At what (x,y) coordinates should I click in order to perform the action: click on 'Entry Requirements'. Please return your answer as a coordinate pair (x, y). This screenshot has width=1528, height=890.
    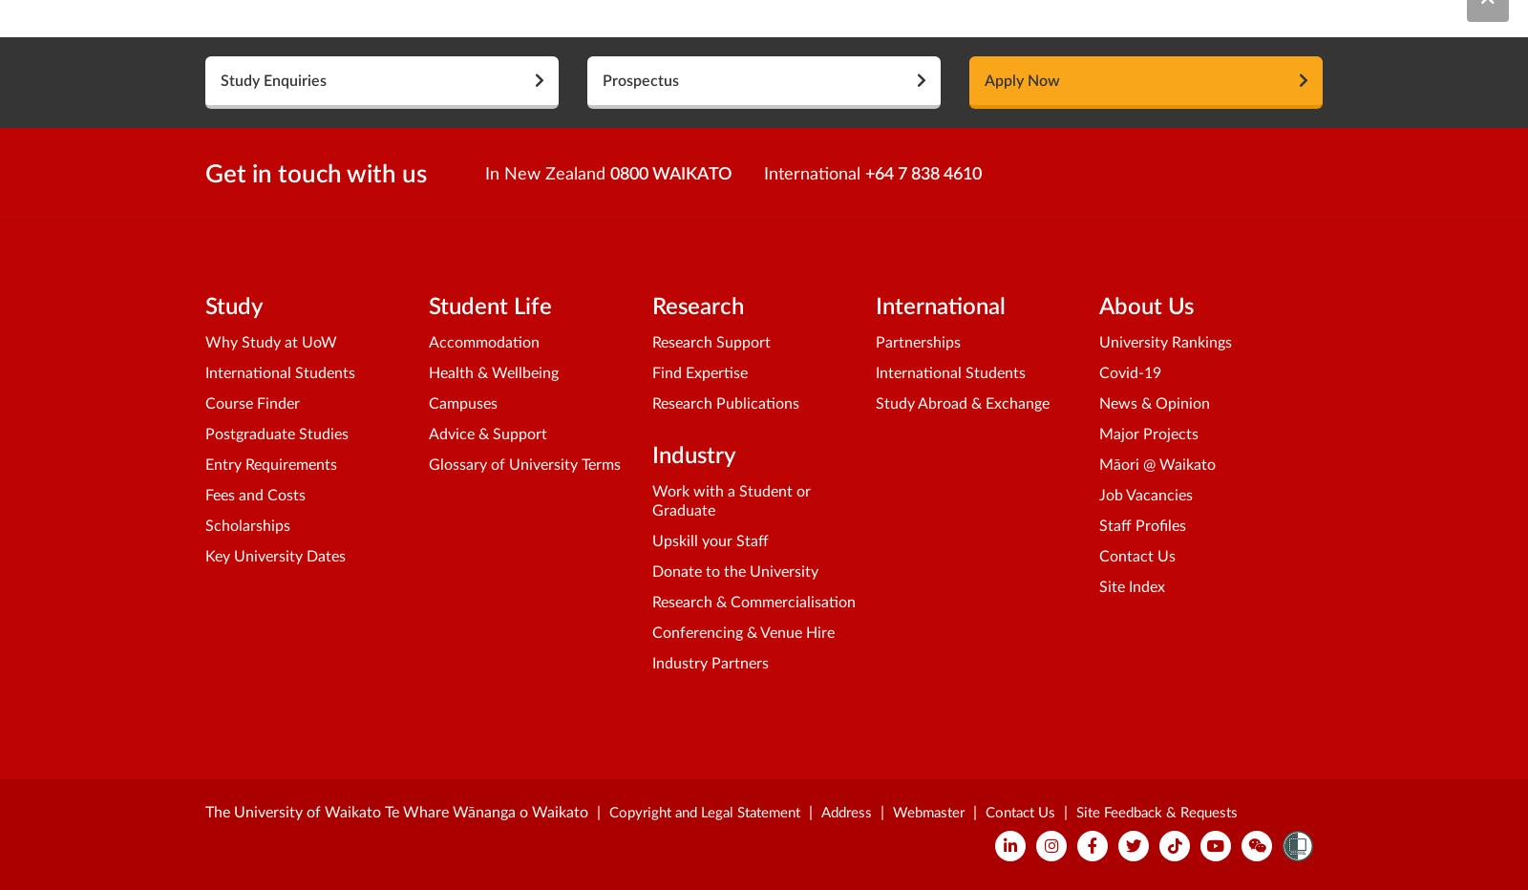
    Looking at the image, I should click on (271, 463).